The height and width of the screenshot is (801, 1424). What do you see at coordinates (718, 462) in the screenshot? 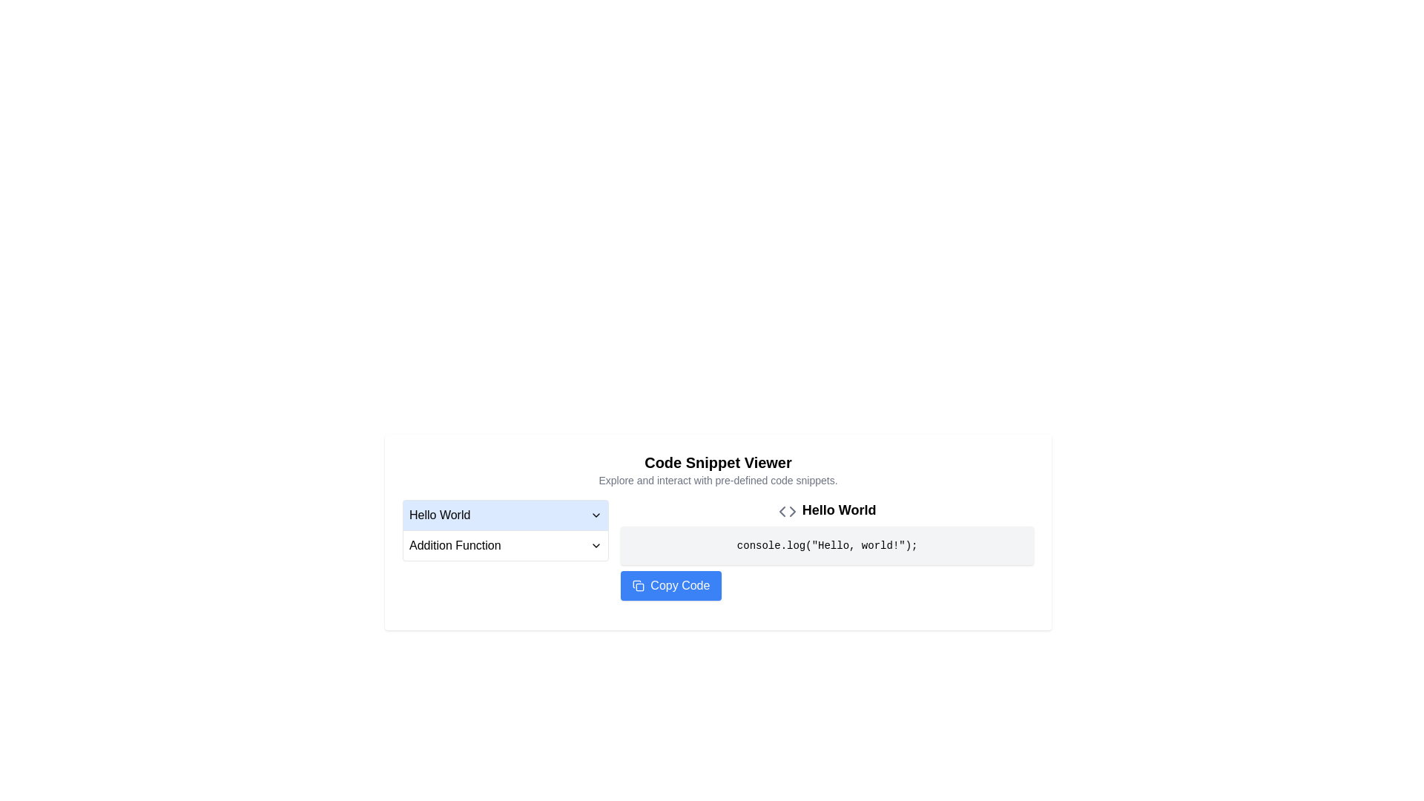
I see `the heading element that serves as a title or label for the section, positioned at the top-center of the content area, above the descriptive text` at bounding box center [718, 462].